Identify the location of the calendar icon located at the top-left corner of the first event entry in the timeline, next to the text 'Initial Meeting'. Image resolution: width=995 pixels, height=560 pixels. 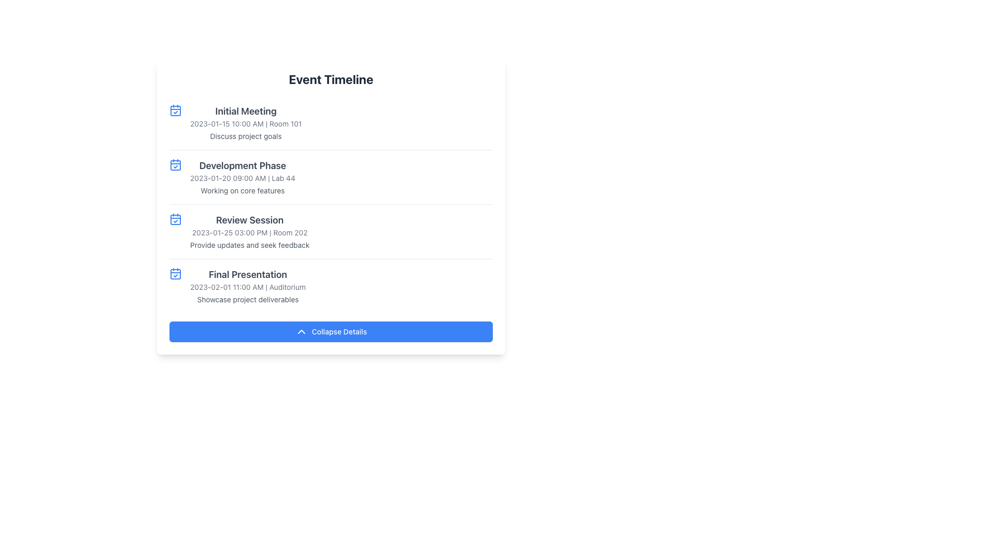
(176, 110).